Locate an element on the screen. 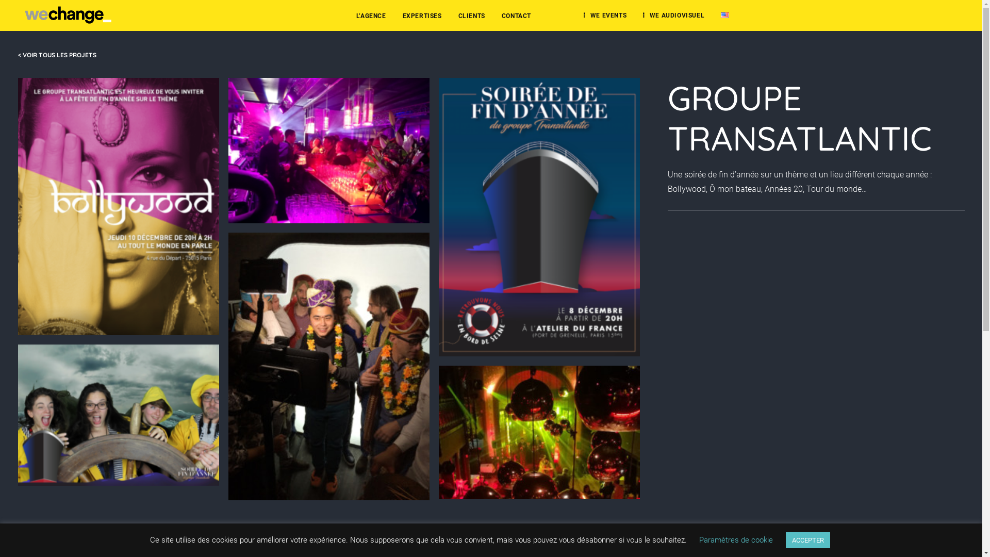 The image size is (990, 557). 'CONTACT' is located at coordinates (516, 15).